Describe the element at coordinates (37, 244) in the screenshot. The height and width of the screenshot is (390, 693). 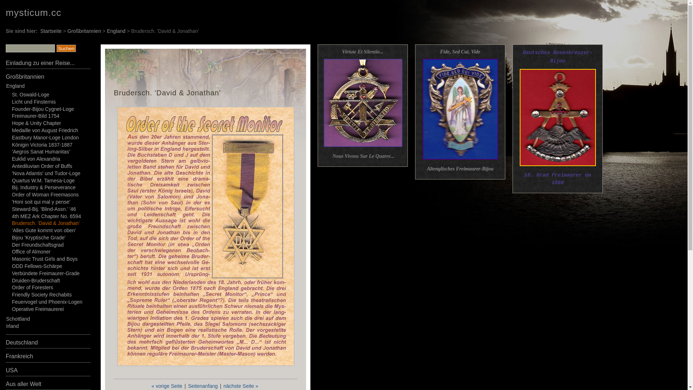
I see `'Der Freundschaftsgrad'` at that location.